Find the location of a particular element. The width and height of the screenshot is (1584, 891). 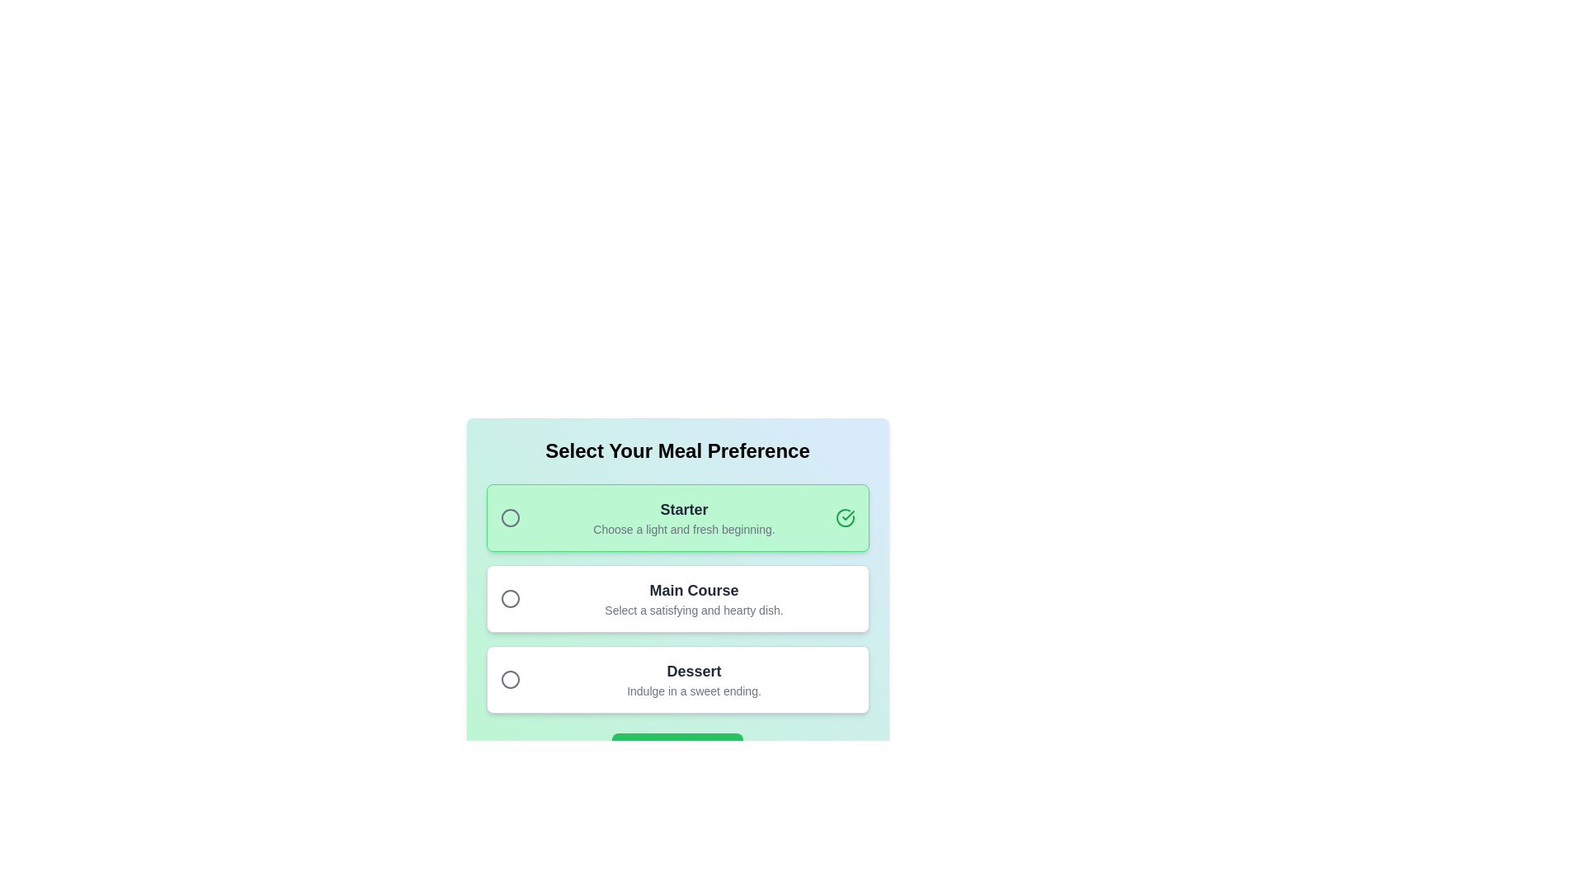

the selectable option titled 'Main Course' in the list of meal preferences is located at coordinates (677, 598).